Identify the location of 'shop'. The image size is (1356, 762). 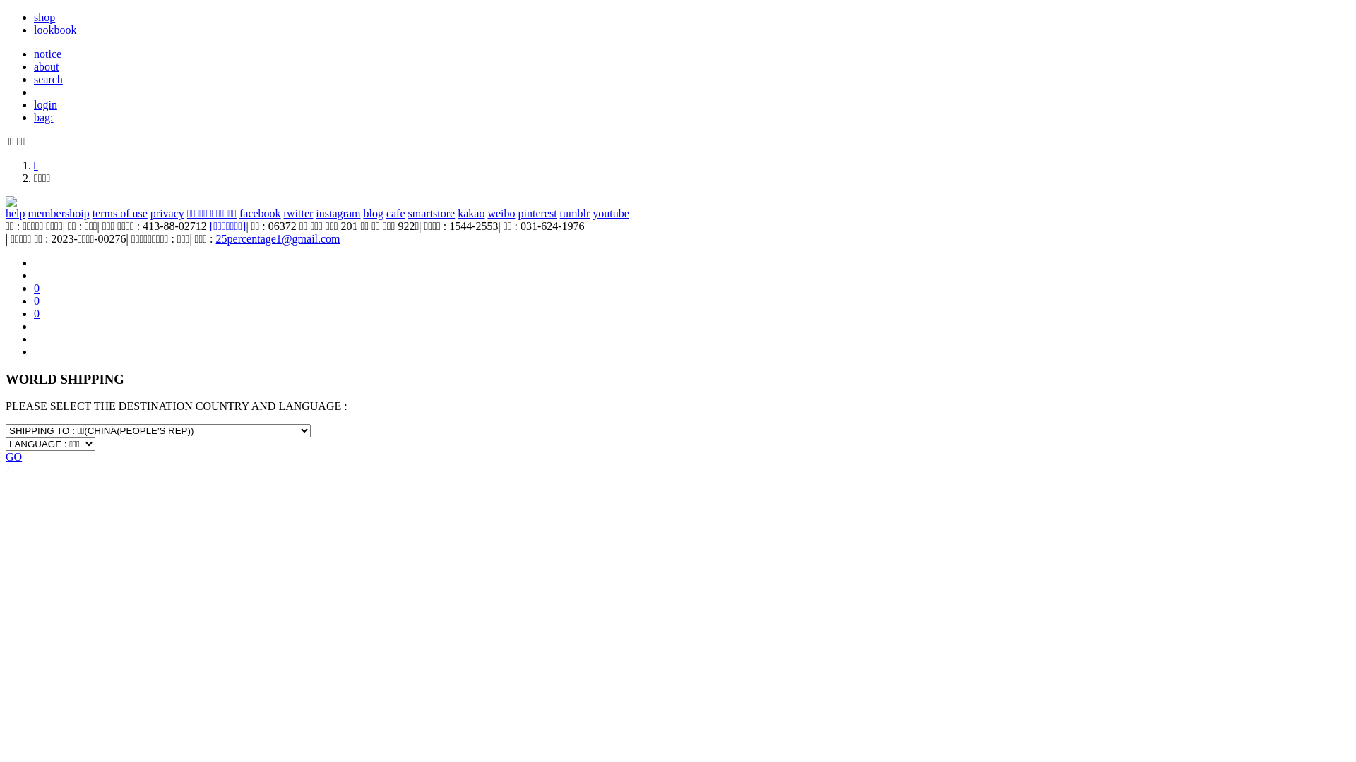
(44, 17).